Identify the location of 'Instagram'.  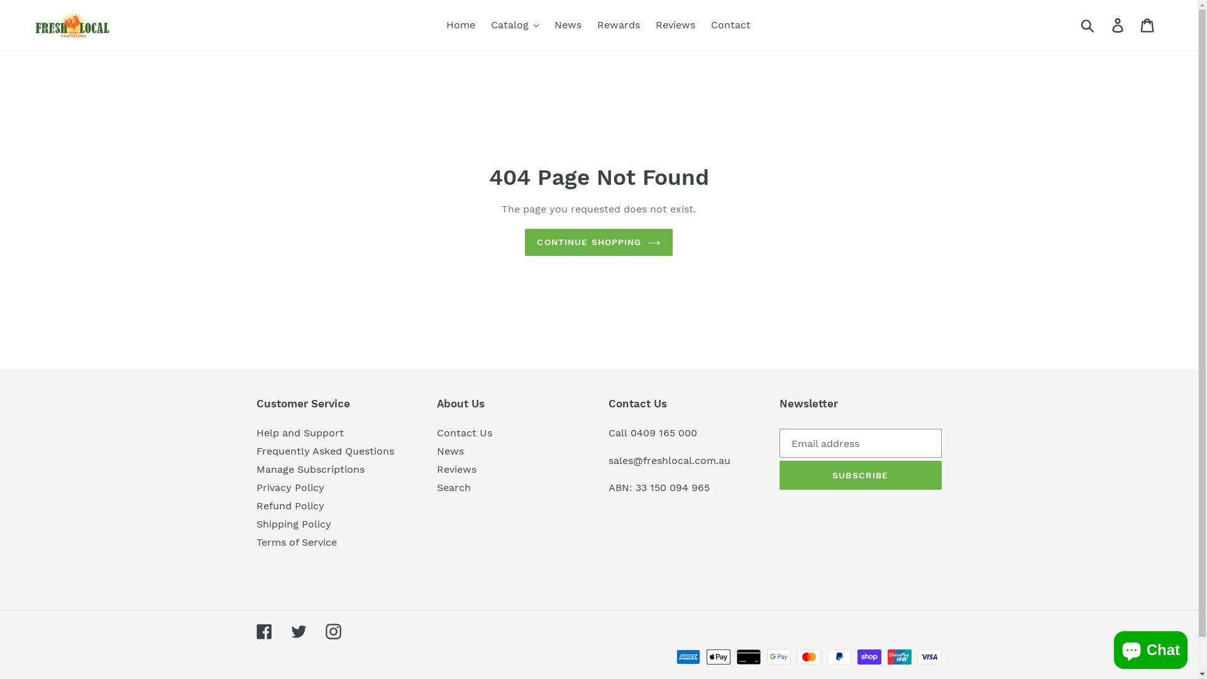
(333, 632).